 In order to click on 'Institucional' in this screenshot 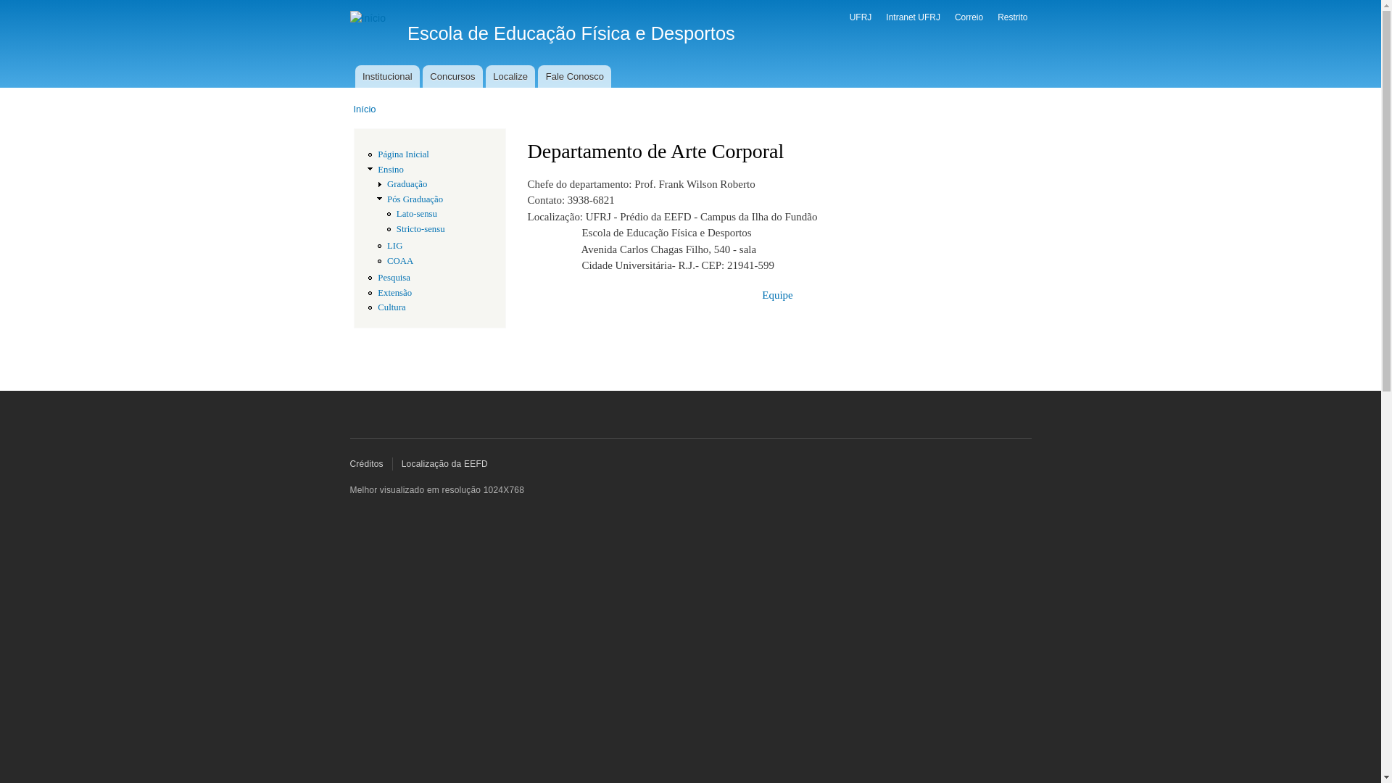, I will do `click(387, 76)`.